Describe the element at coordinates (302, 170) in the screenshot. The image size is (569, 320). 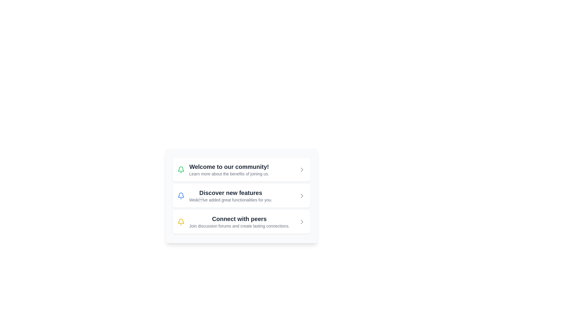
I see `the chevron-shaped arrow icon, which is part of the 'Discover new features' UI card section and located at the far right of the horizontally arranged list item` at that location.